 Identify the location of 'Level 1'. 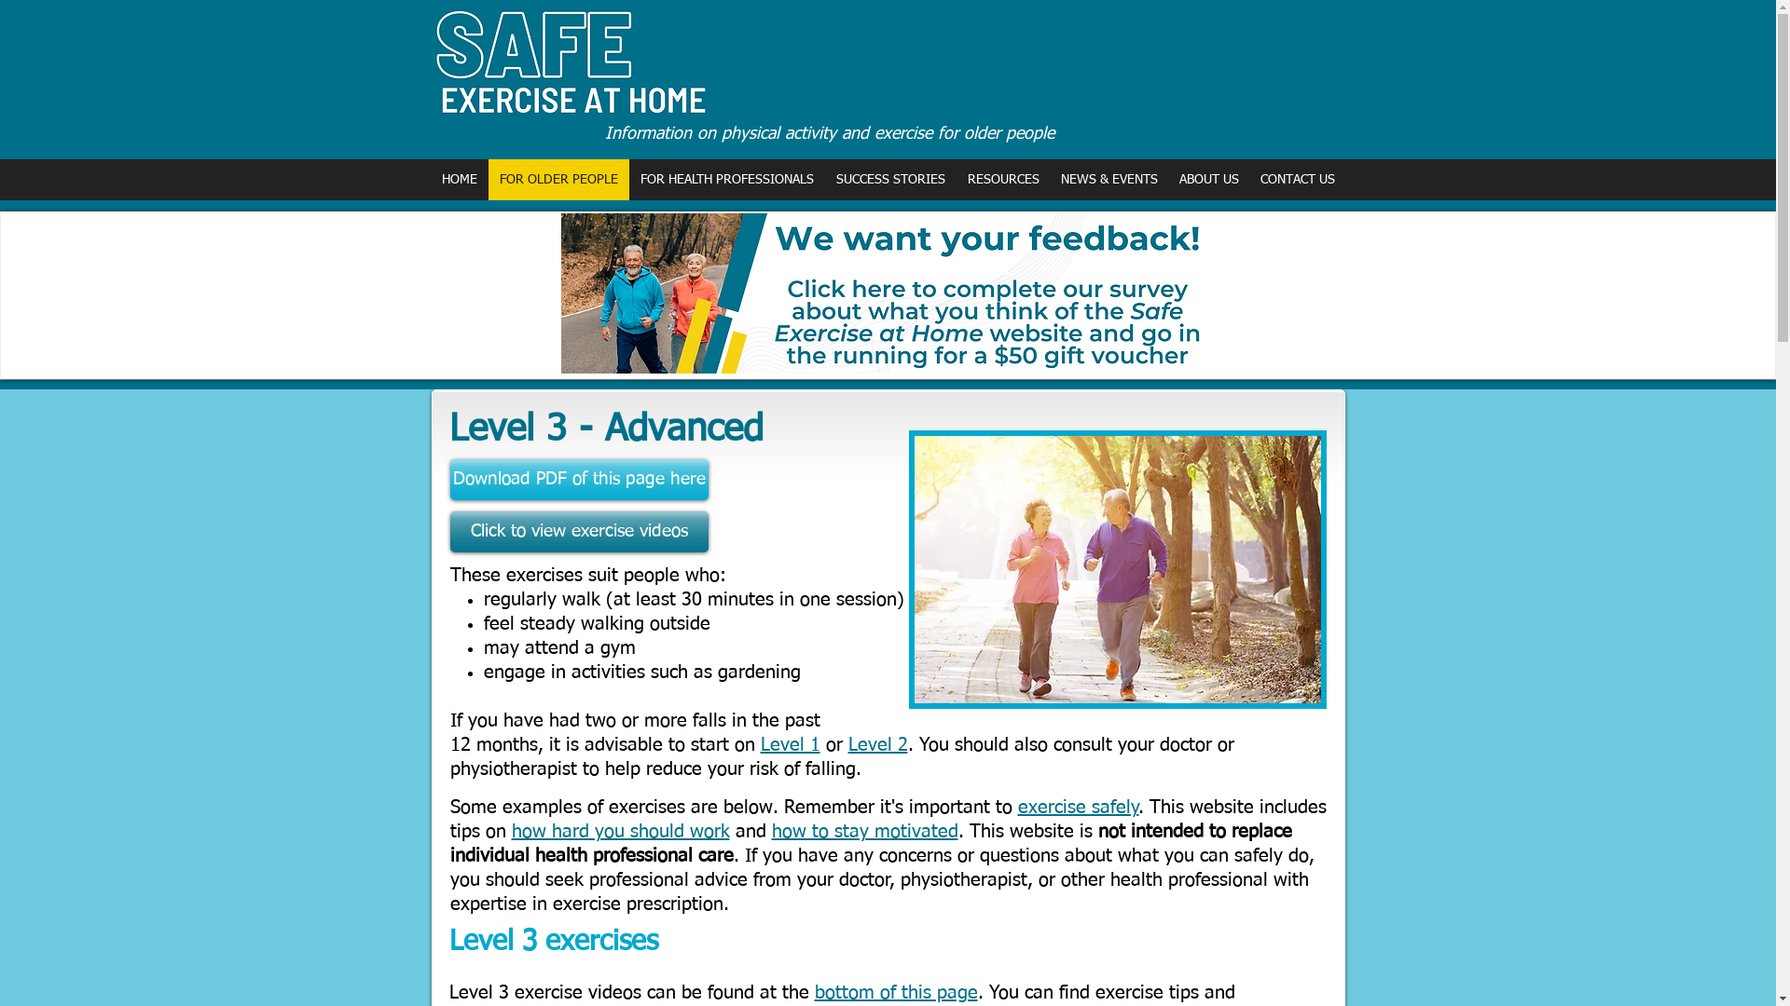
(791, 743).